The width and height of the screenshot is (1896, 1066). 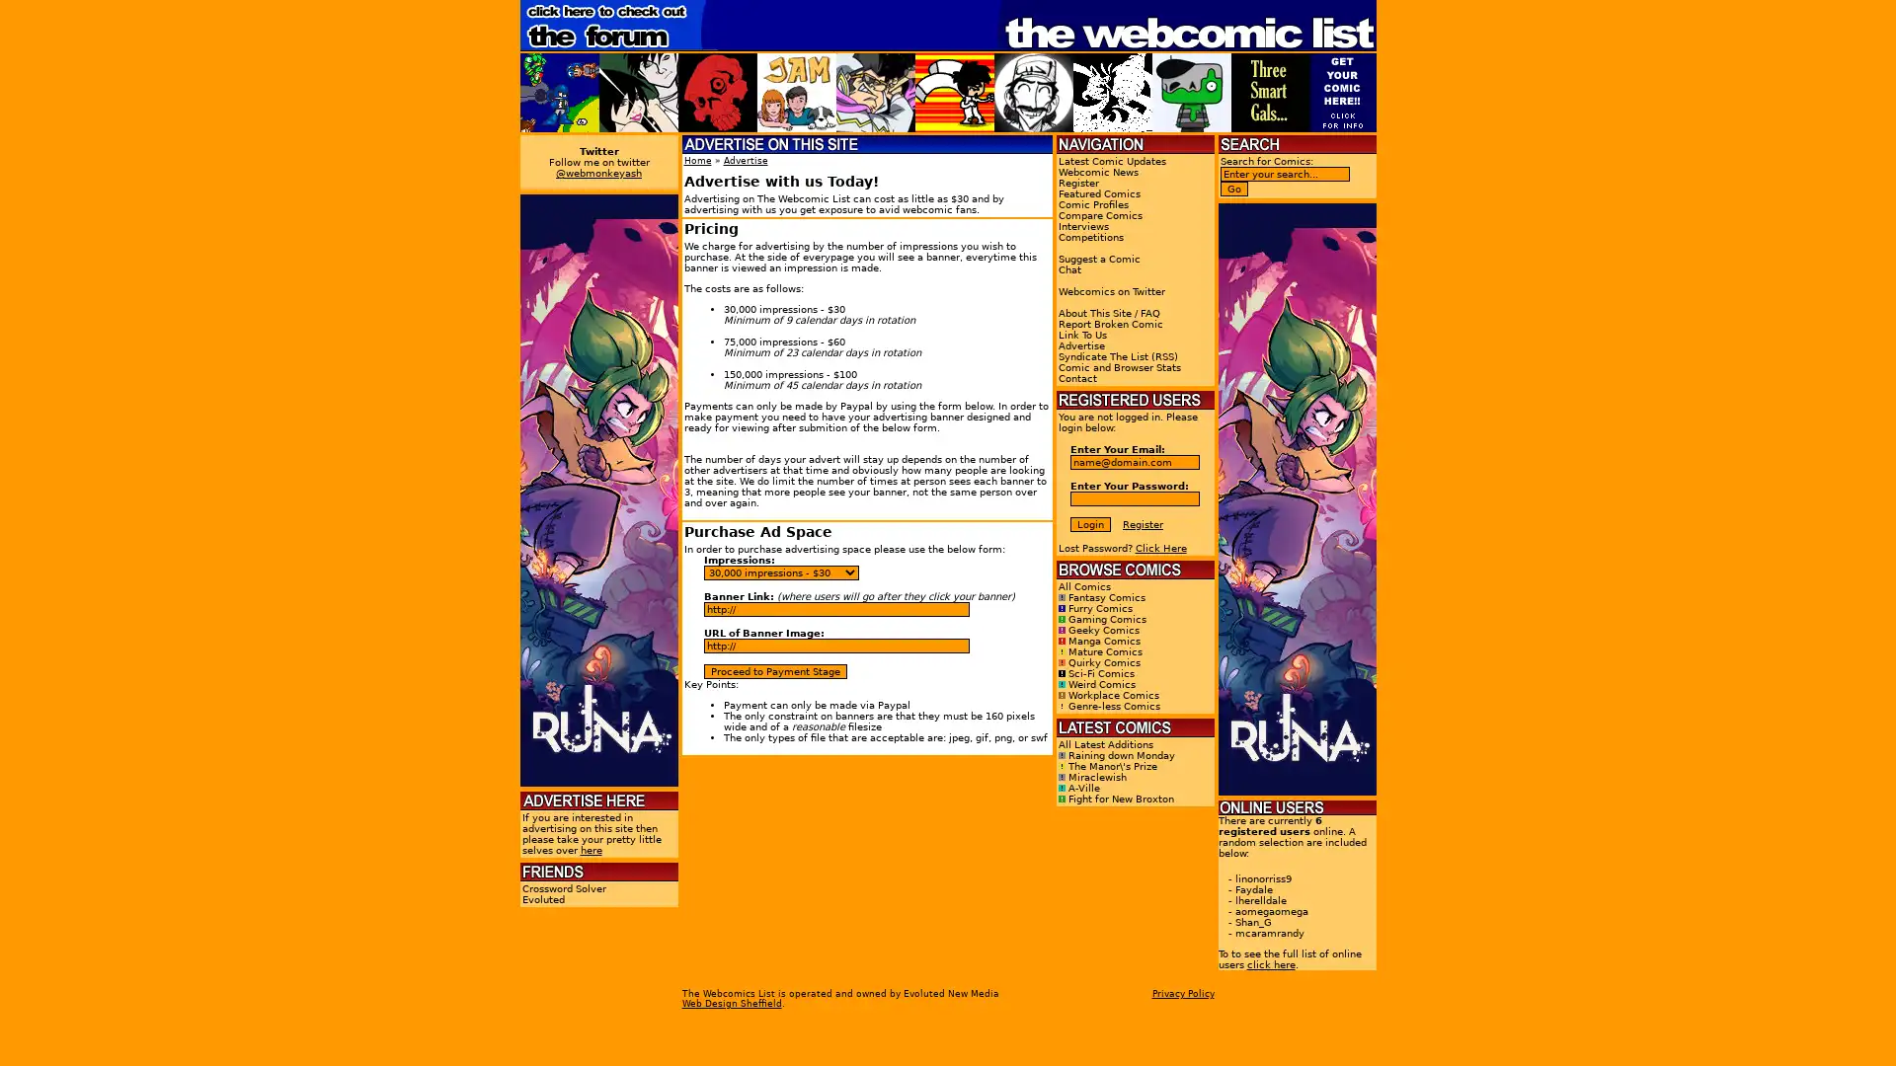 What do you see at coordinates (773, 670) in the screenshot?
I see `Proceed to Payment Stage` at bounding box center [773, 670].